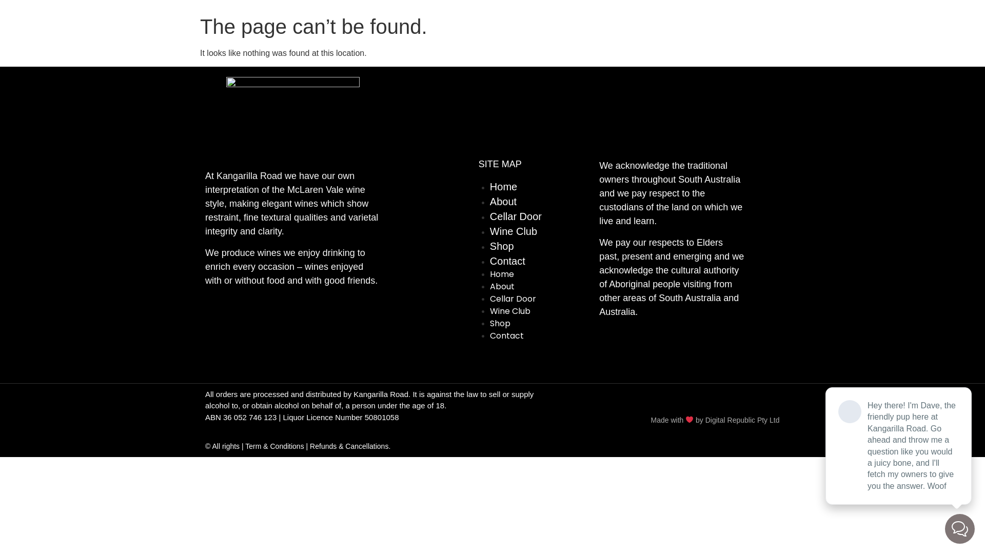 The width and height of the screenshot is (985, 554). What do you see at coordinates (349, 446) in the screenshot?
I see `'Refunds & Cancellations'` at bounding box center [349, 446].